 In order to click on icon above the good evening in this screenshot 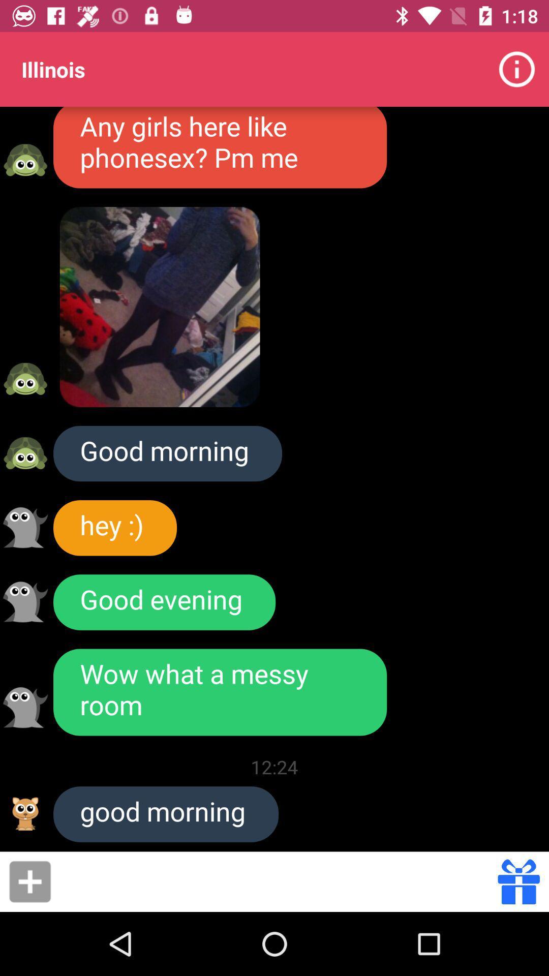, I will do `click(114, 528)`.